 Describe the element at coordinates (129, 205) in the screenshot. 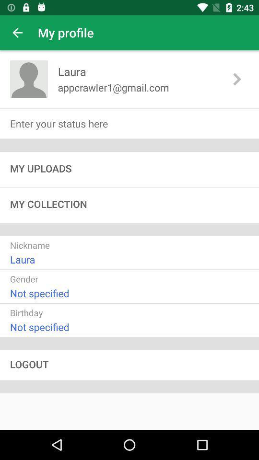

I see `the my collection item` at that location.